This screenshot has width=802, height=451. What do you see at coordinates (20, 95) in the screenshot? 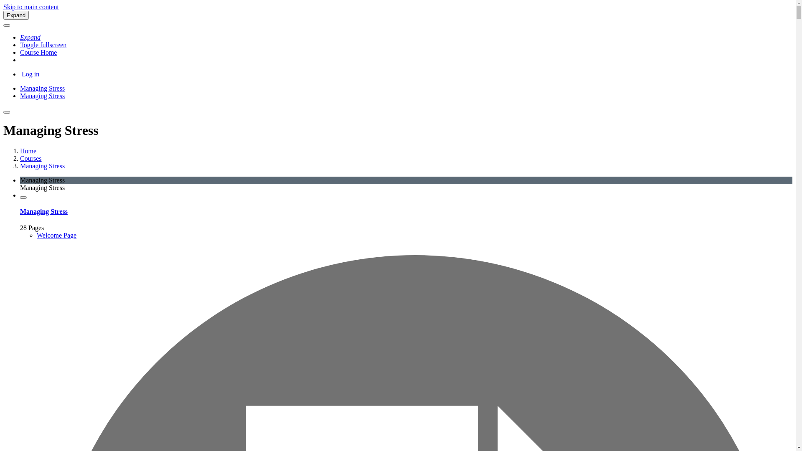
I see `'Managing Stress'` at bounding box center [20, 95].